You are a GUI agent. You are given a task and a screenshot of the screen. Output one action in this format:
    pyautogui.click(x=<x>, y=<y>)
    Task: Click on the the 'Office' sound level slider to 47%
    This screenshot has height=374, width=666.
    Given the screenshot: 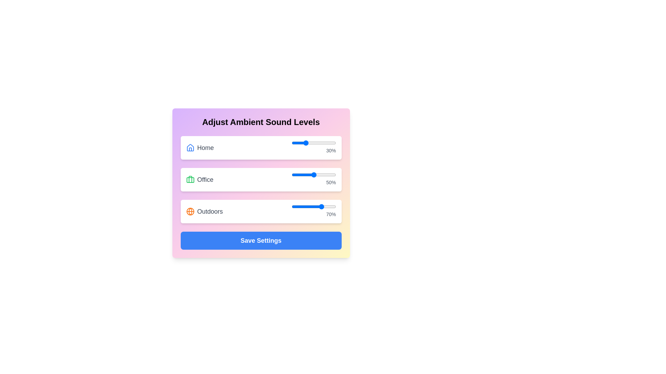 What is the action you would take?
    pyautogui.click(x=312, y=175)
    